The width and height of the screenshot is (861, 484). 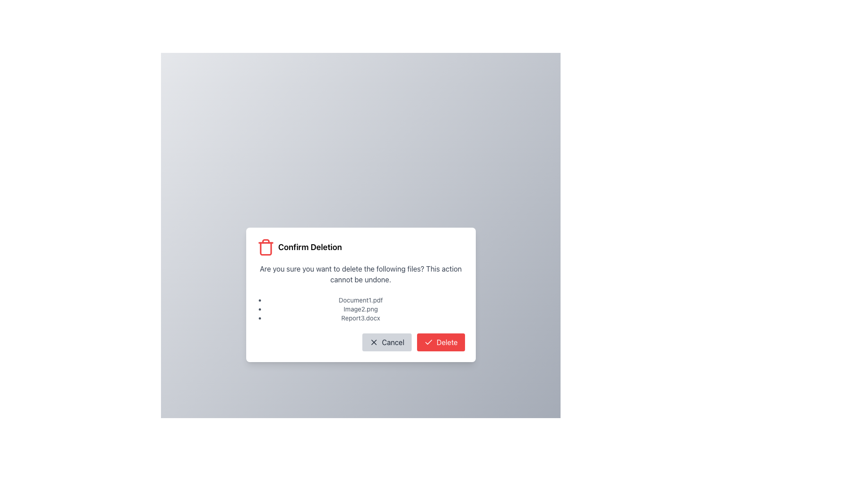 What do you see at coordinates (441, 342) in the screenshot?
I see `the confirmation button for deletion located in the bottom right of the modal window to trigger a visual state change` at bounding box center [441, 342].